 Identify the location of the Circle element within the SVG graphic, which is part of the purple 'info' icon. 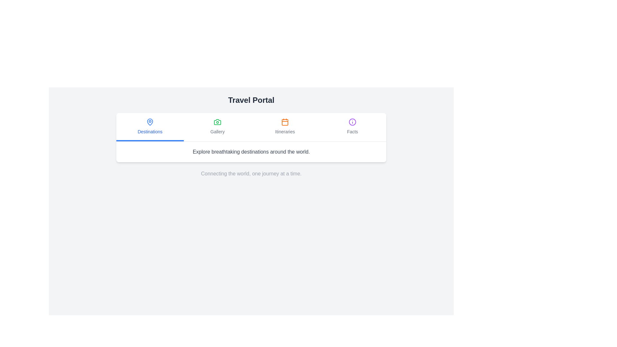
(352, 122).